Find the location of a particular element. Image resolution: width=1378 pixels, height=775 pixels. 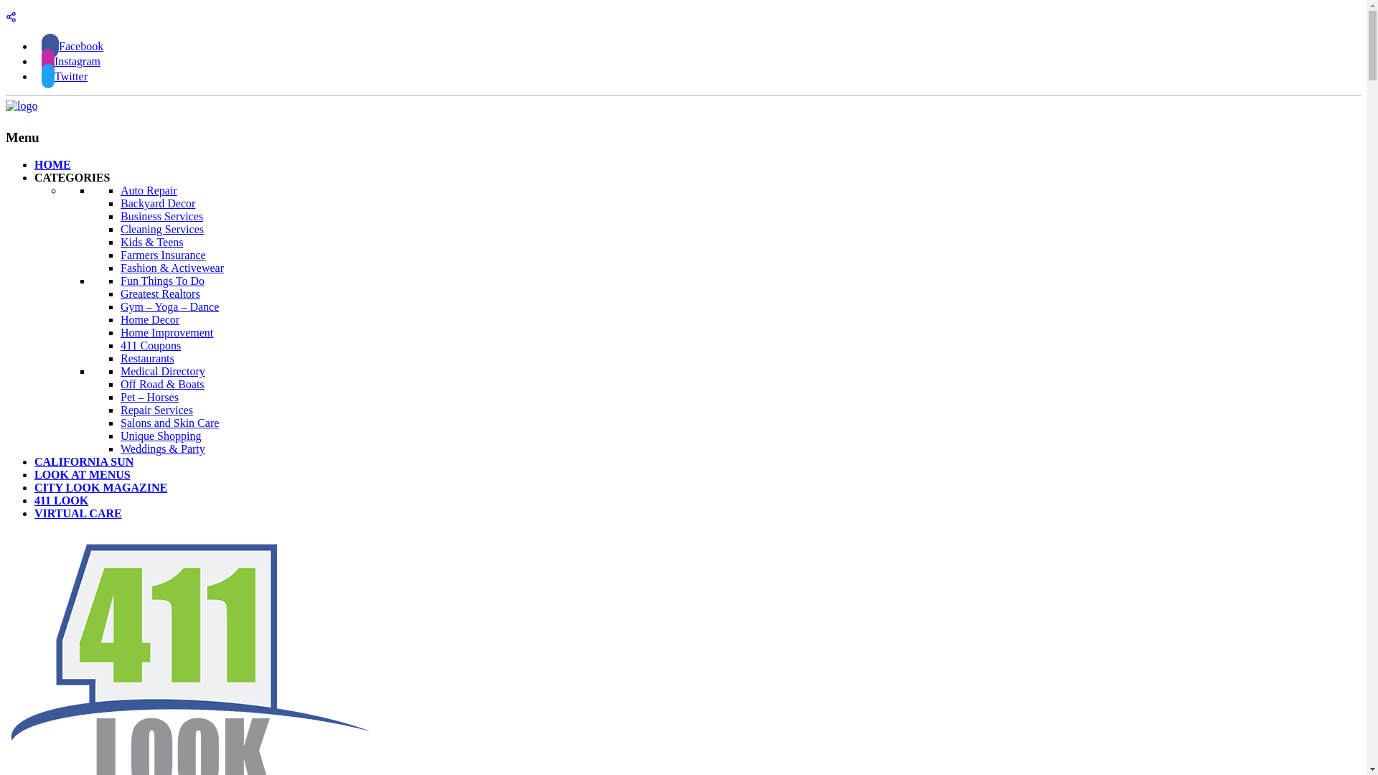

'Home Improvement' is located at coordinates (167, 332).